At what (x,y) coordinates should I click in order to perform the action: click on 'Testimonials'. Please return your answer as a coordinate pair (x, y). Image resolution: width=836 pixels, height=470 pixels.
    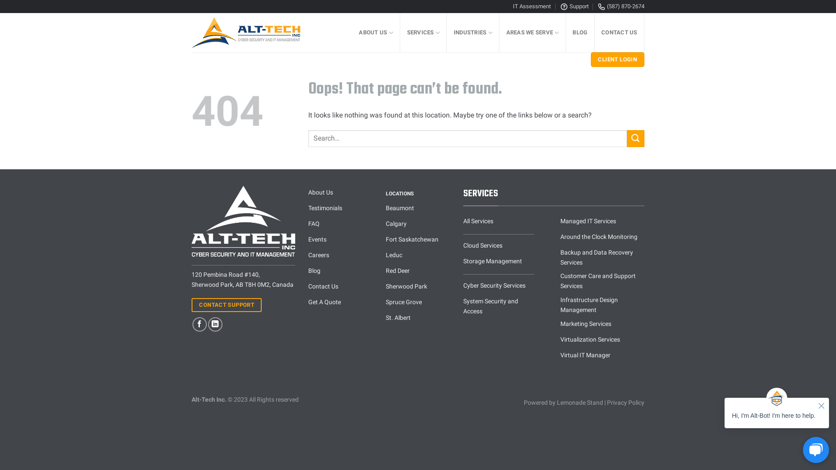
    Looking at the image, I should click on (340, 209).